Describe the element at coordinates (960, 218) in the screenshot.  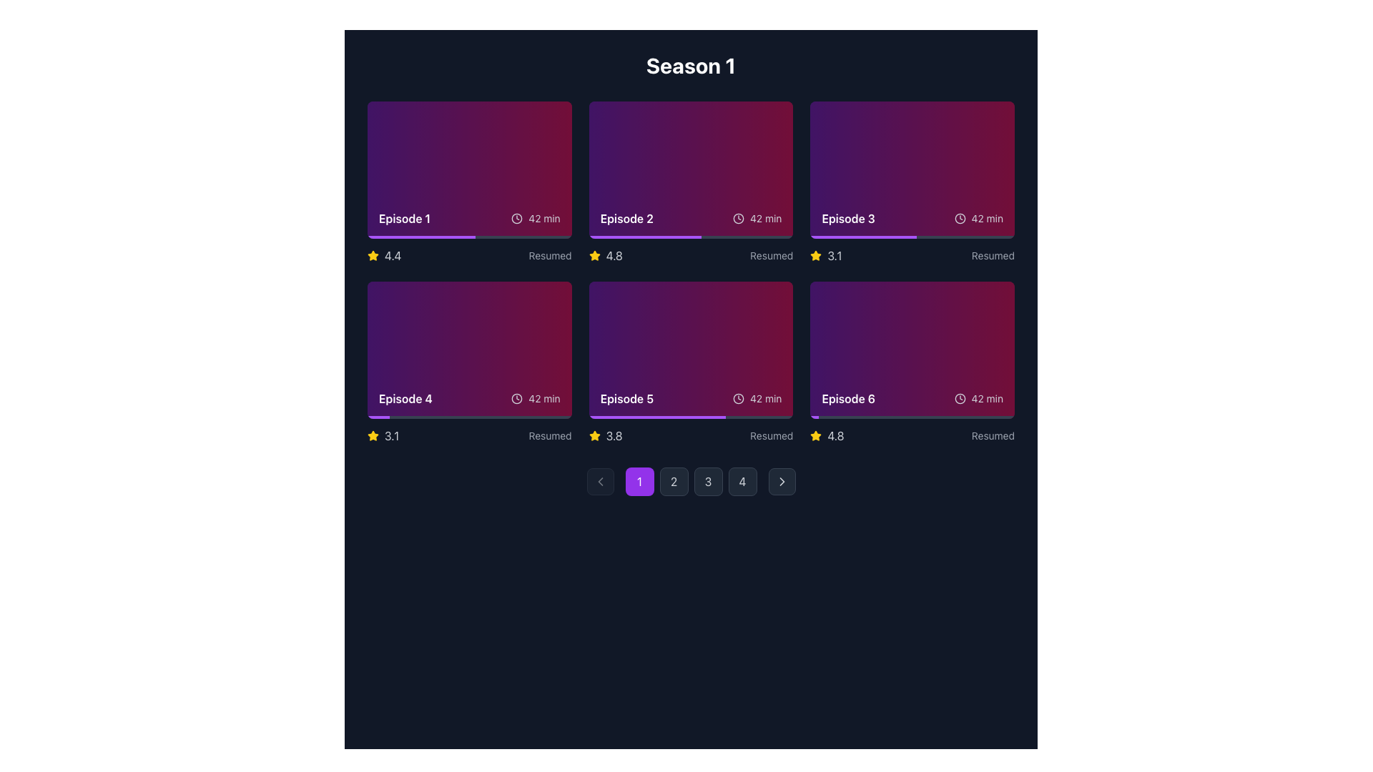
I see `the circular outline inside the clock icon located in the top-right corner of the Episode 3 block` at that location.